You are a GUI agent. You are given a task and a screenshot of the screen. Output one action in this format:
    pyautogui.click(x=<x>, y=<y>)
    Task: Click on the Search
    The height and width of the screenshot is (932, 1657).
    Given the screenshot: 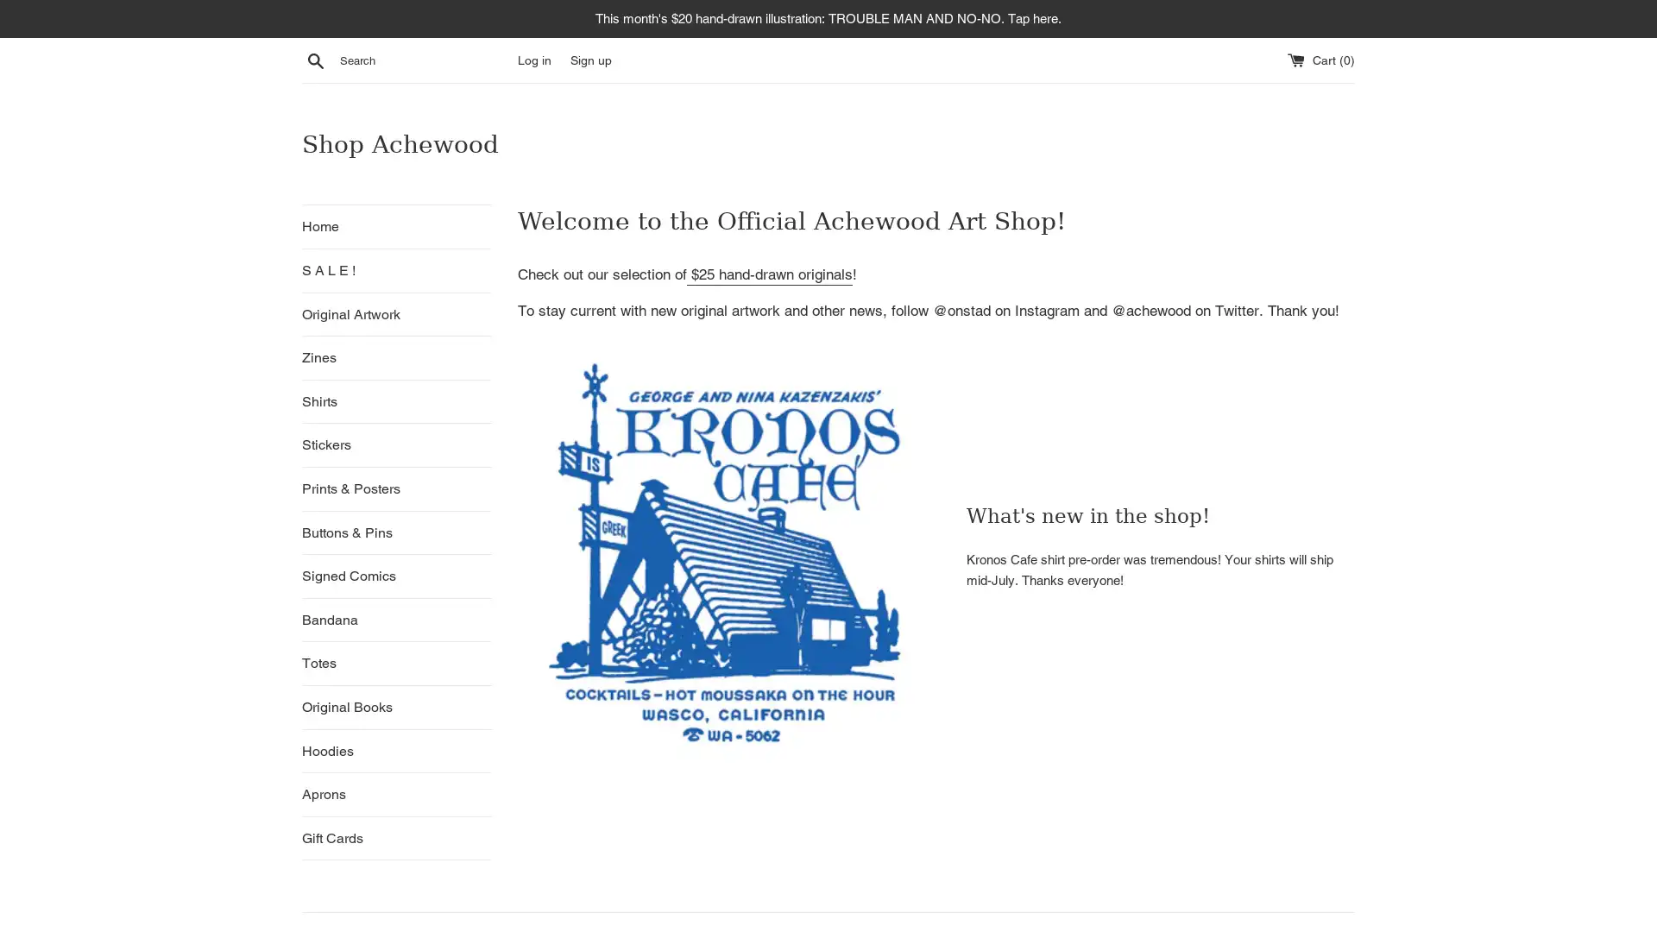 What is the action you would take?
    pyautogui.click(x=315, y=59)
    